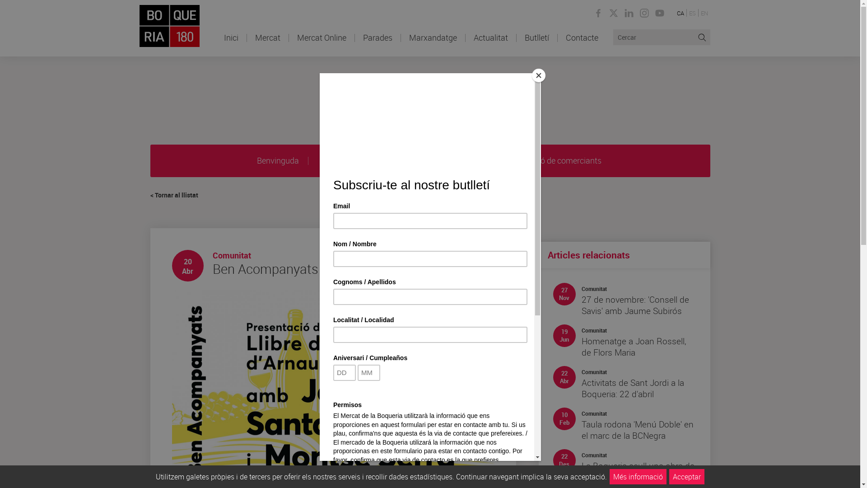 The width and height of the screenshot is (867, 488). Describe the element at coordinates (247, 45) in the screenshot. I see `'Mercat'` at that location.